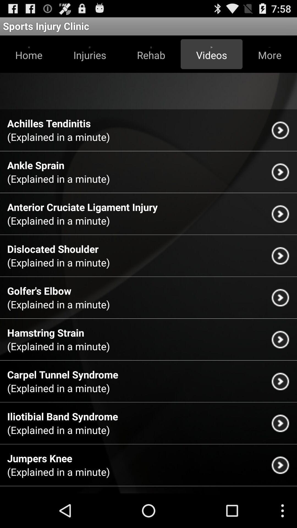 This screenshot has width=297, height=528. Describe the element at coordinates (151, 54) in the screenshot. I see `the icon below the sports injury clinic` at that location.